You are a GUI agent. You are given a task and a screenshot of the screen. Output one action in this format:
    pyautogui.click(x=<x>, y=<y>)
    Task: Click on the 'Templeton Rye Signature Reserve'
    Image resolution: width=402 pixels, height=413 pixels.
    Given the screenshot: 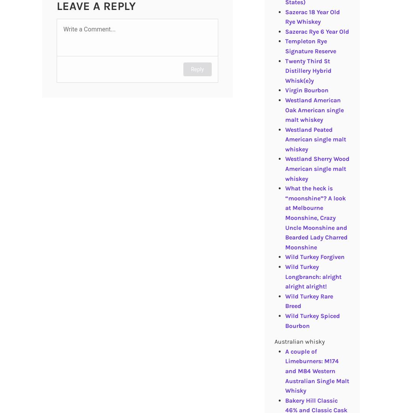 What is the action you would take?
    pyautogui.click(x=284, y=46)
    